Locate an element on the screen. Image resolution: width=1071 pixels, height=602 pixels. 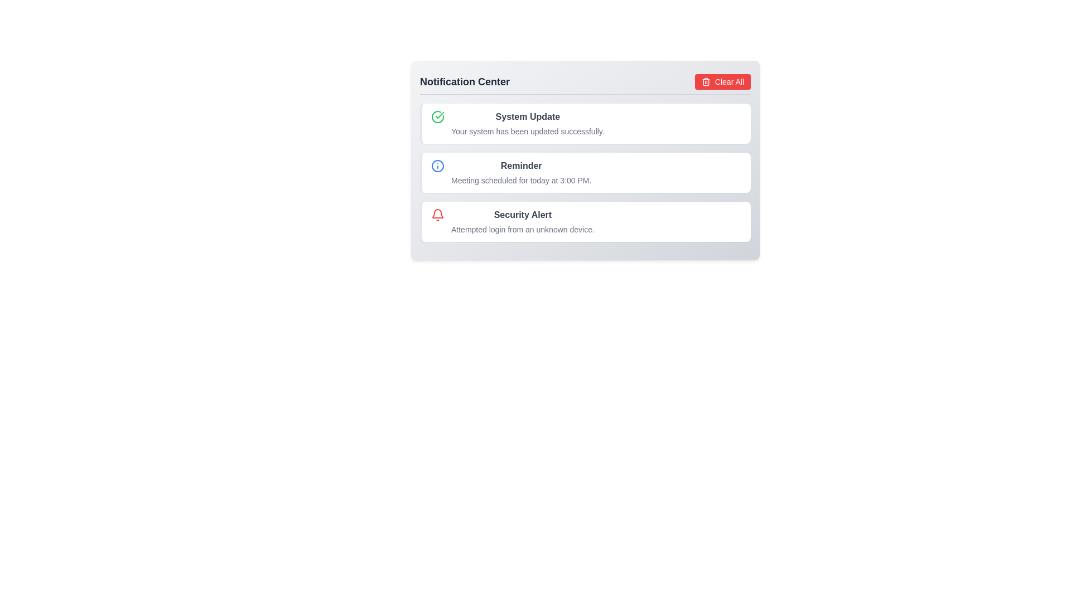
the bottom part of the bell icon located near the top-right corner of the notification center interface, adjacent to the 'Clear All' button is located at coordinates (437, 213).